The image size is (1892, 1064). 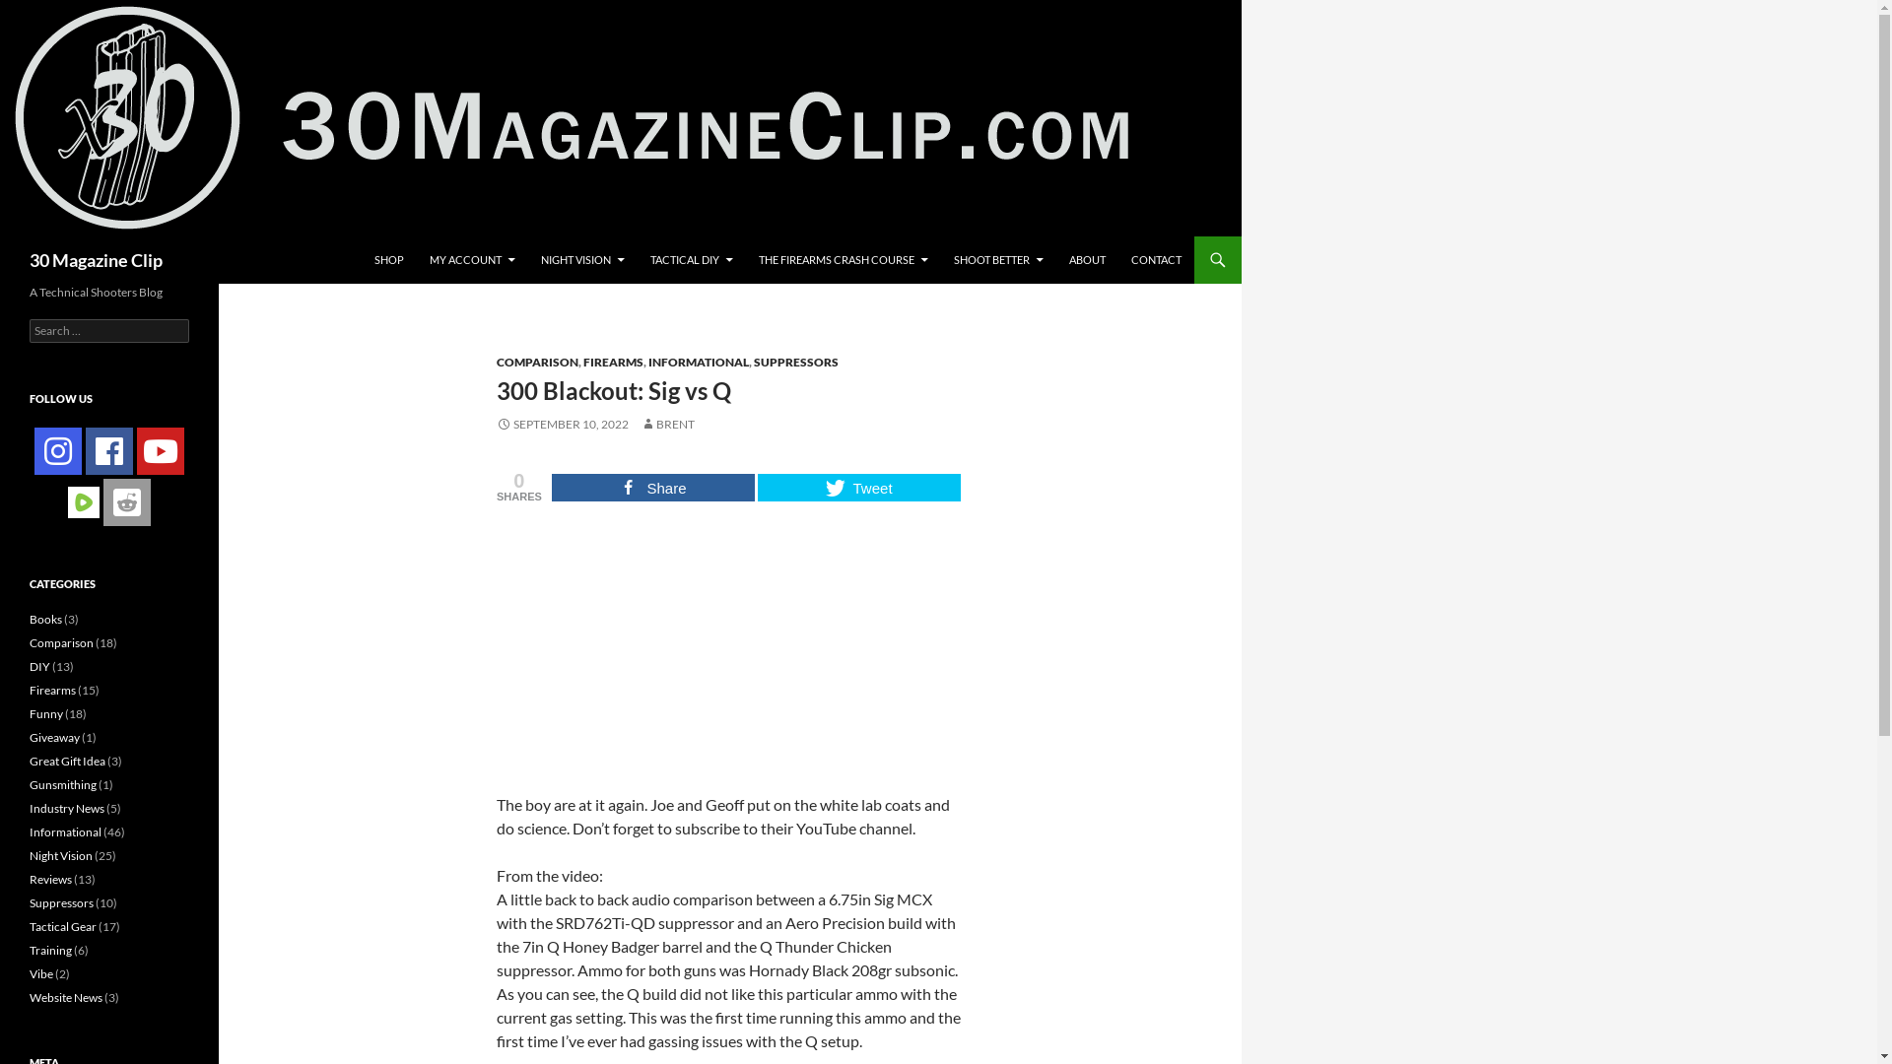 What do you see at coordinates (62, 783) in the screenshot?
I see `'Gunsmithing'` at bounding box center [62, 783].